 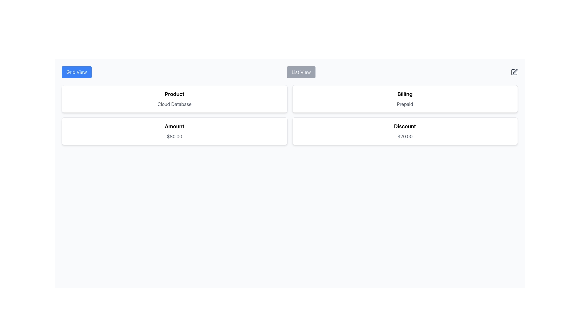 What do you see at coordinates (174, 136) in the screenshot?
I see `the price label displaying '$80.00', located below the 'Amount' text in a bordered, rounded rectangle` at bounding box center [174, 136].